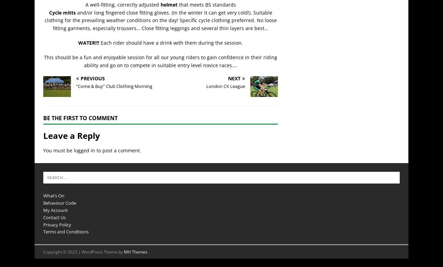  Describe the element at coordinates (43, 210) in the screenshot. I see `'My Account'` at that location.